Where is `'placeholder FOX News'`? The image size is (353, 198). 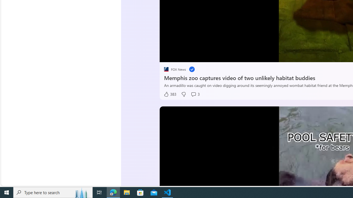 'placeholder FOX News' is located at coordinates (175, 69).